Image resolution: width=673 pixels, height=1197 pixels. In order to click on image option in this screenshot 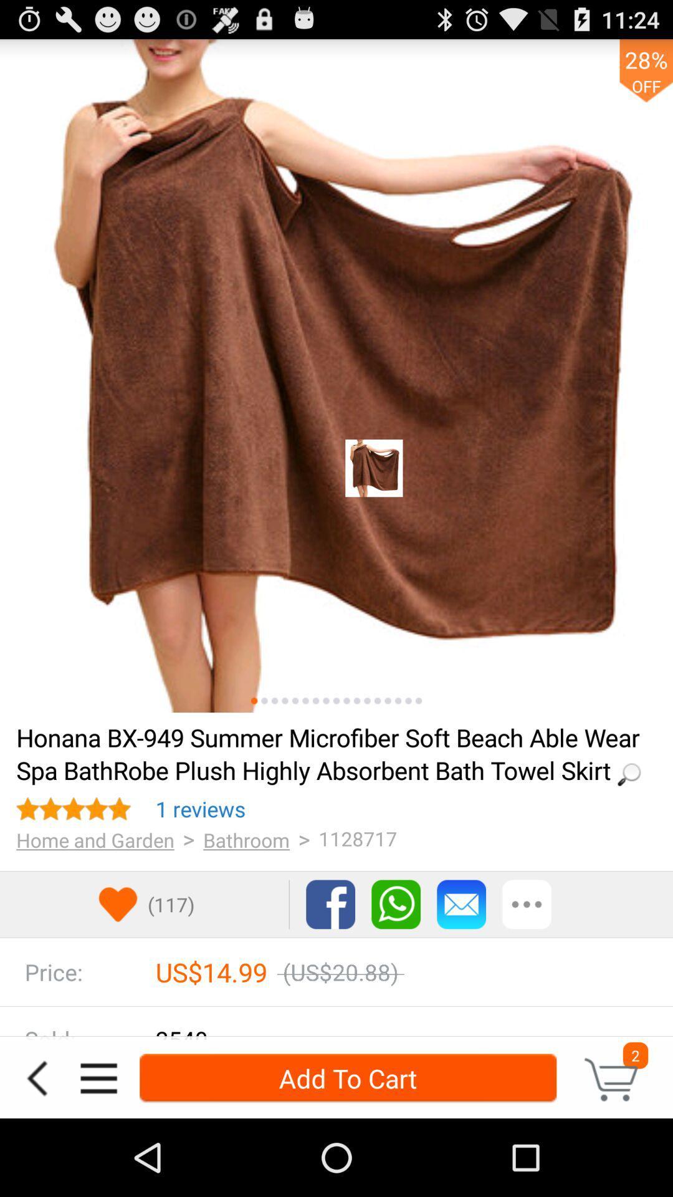, I will do `click(376, 701)`.